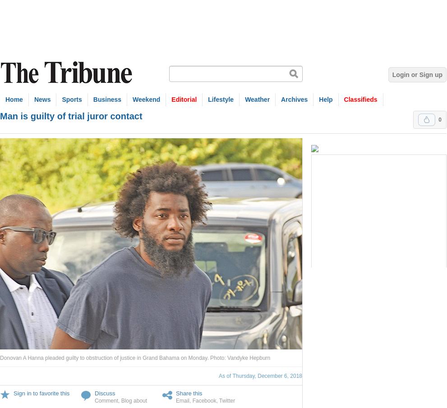  What do you see at coordinates (105, 393) in the screenshot?
I see `'Discuss'` at bounding box center [105, 393].